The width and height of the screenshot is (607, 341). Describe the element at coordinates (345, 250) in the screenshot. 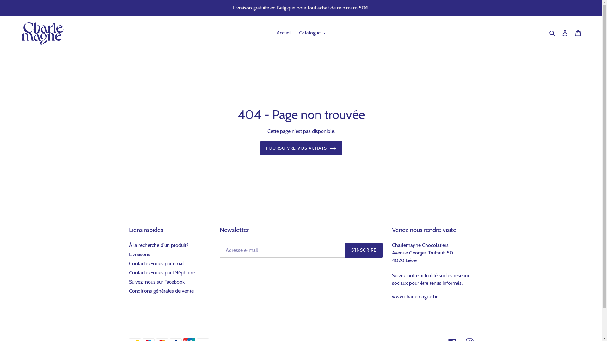

I see `'S'INSCRIRE'` at that location.